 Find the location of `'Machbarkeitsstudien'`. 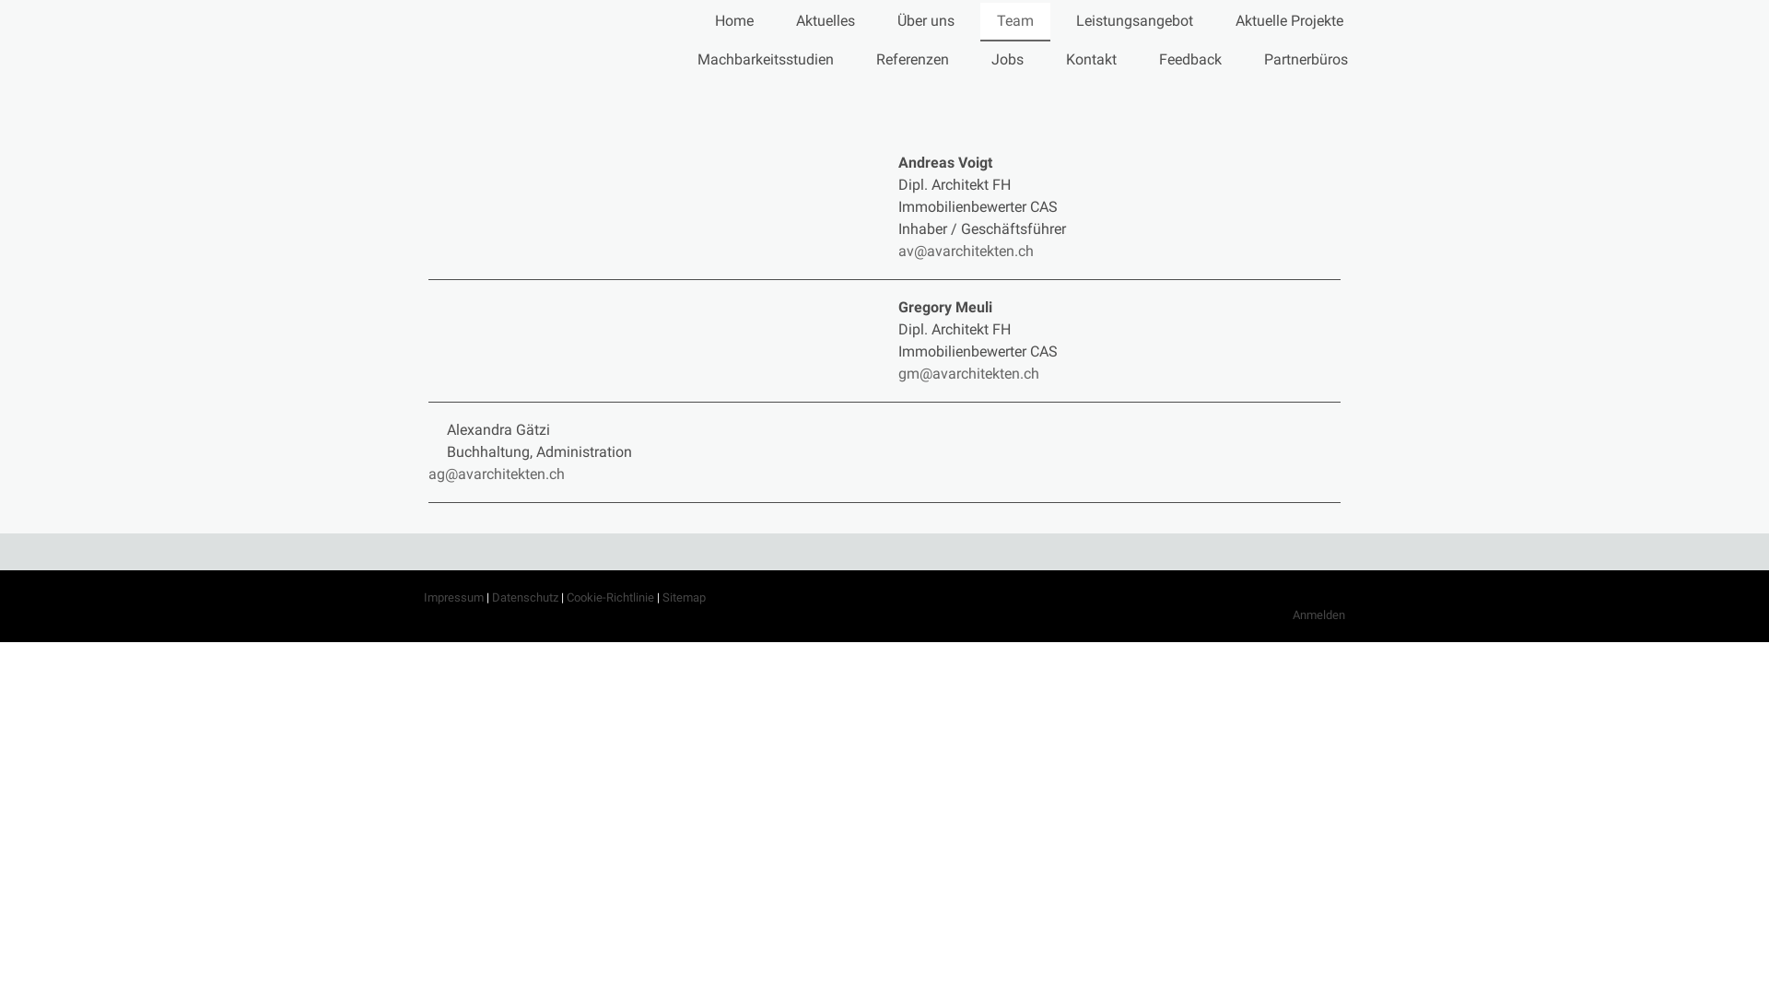

'Machbarkeitsstudien' is located at coordinates (765, 59).